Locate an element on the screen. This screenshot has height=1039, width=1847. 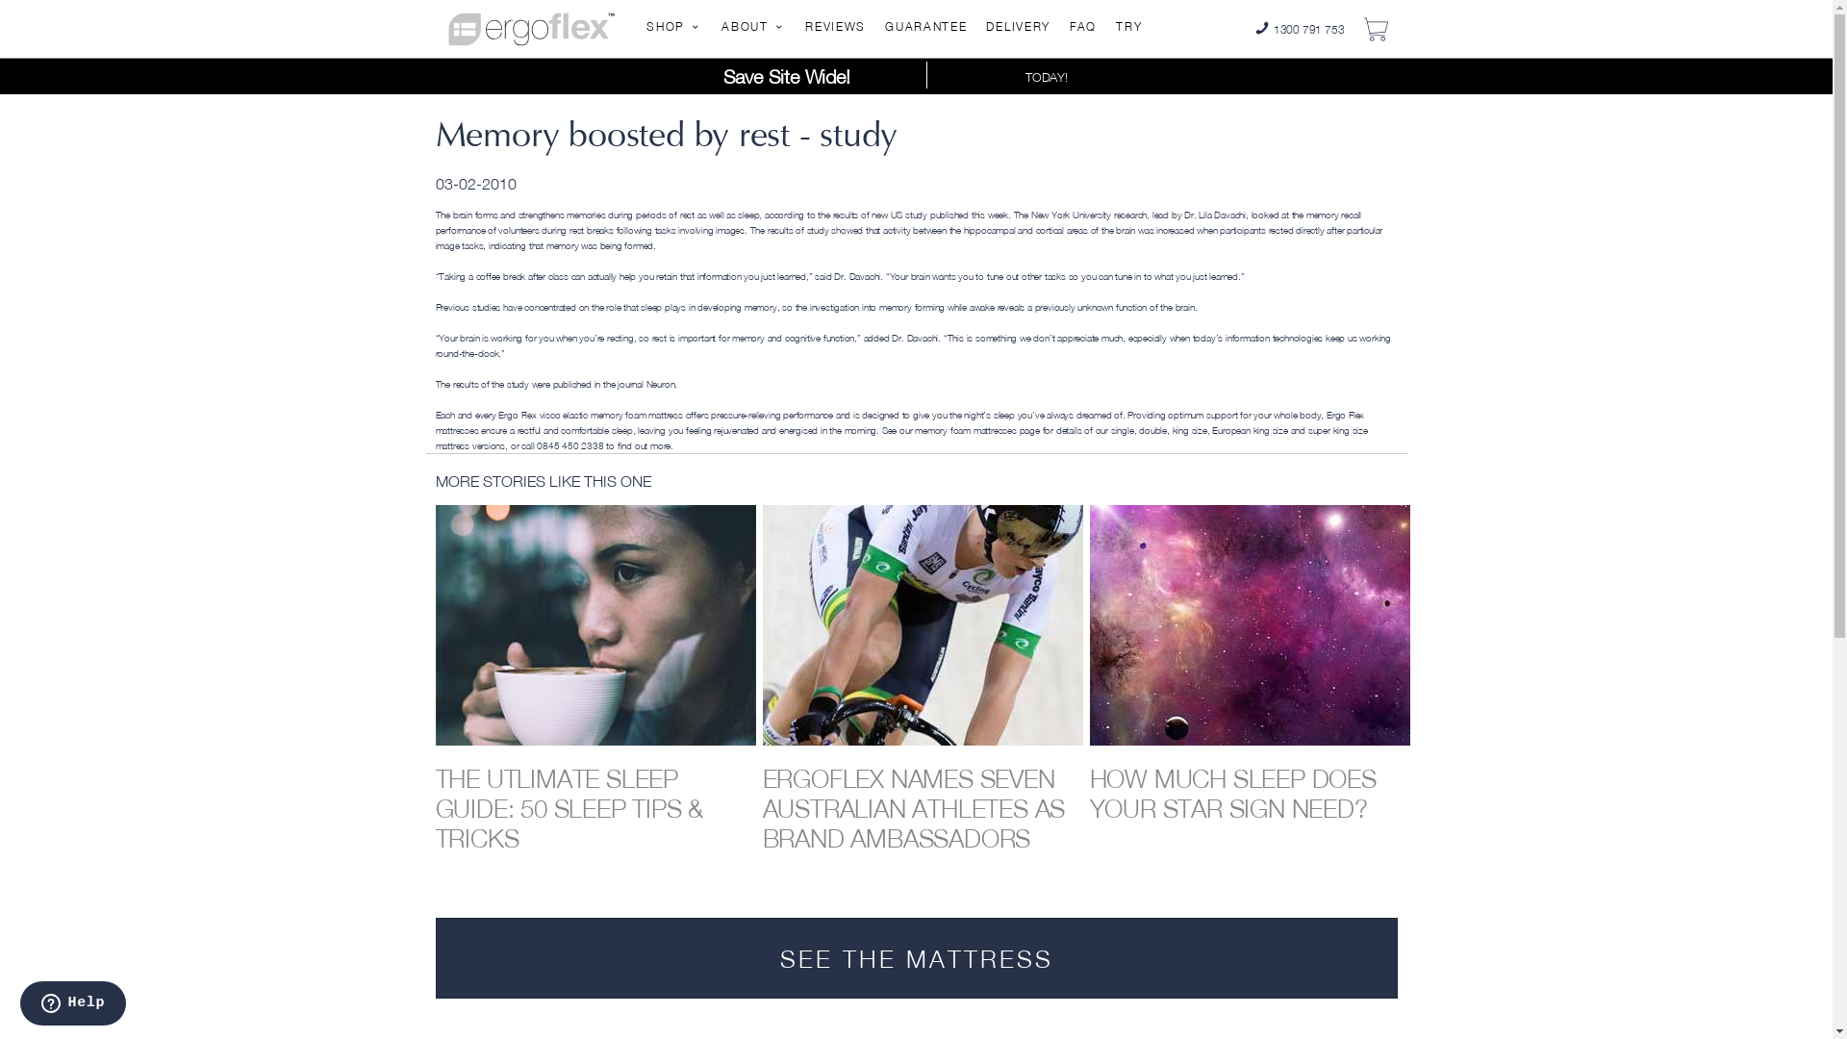
'ABOUT' is located at coordinates (752, 26).